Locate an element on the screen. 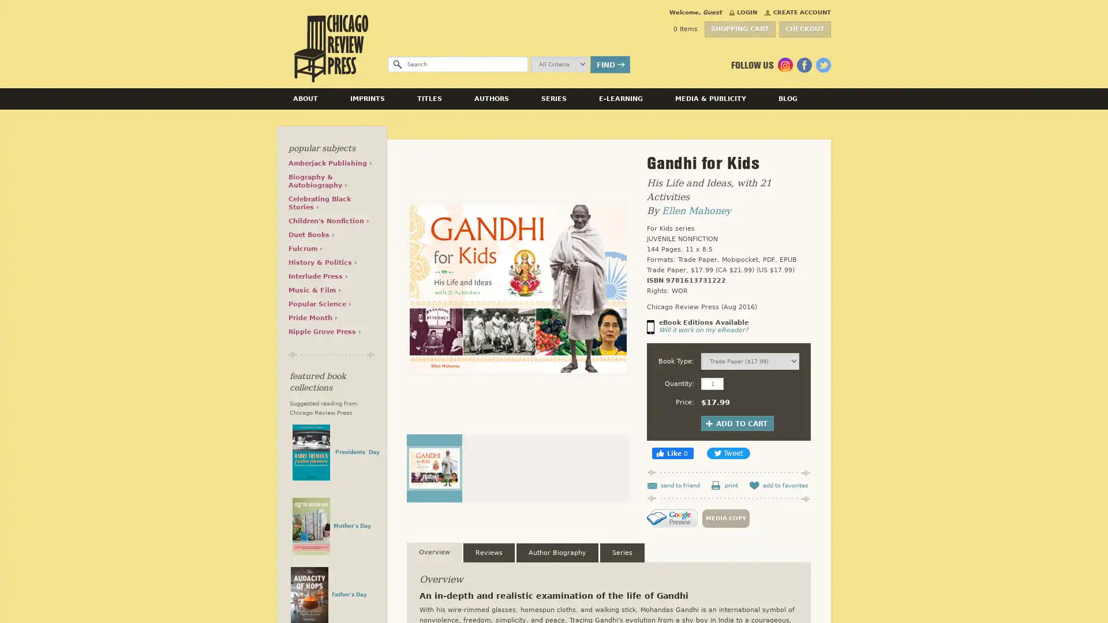  Add To Cart is located at coordinates (736, 422).